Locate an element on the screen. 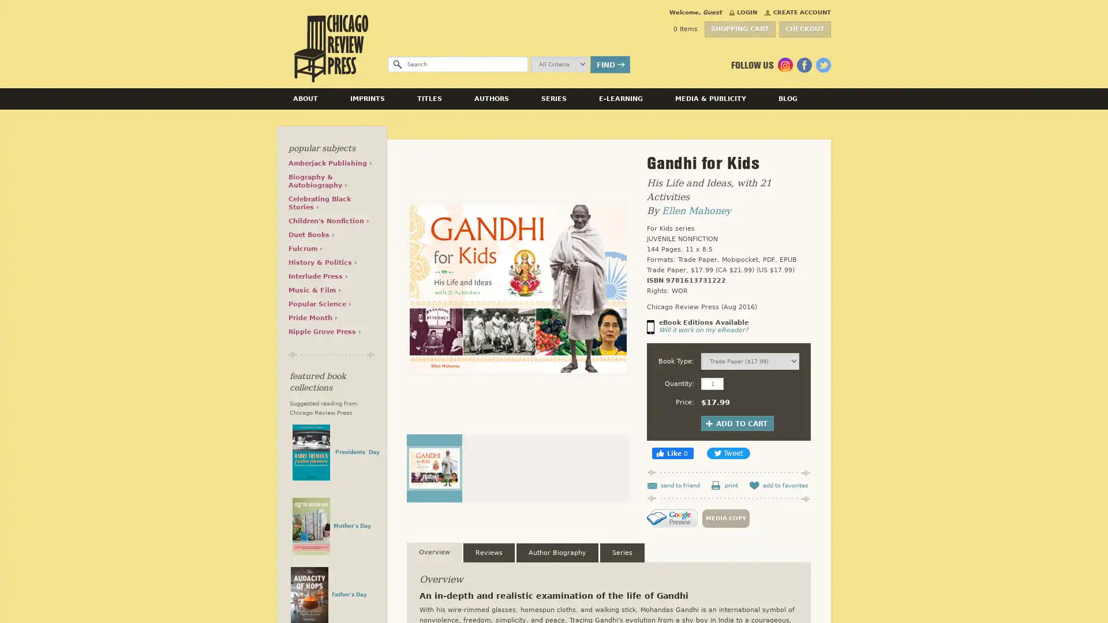  Add To Cart is located at coordinates (736, 422).